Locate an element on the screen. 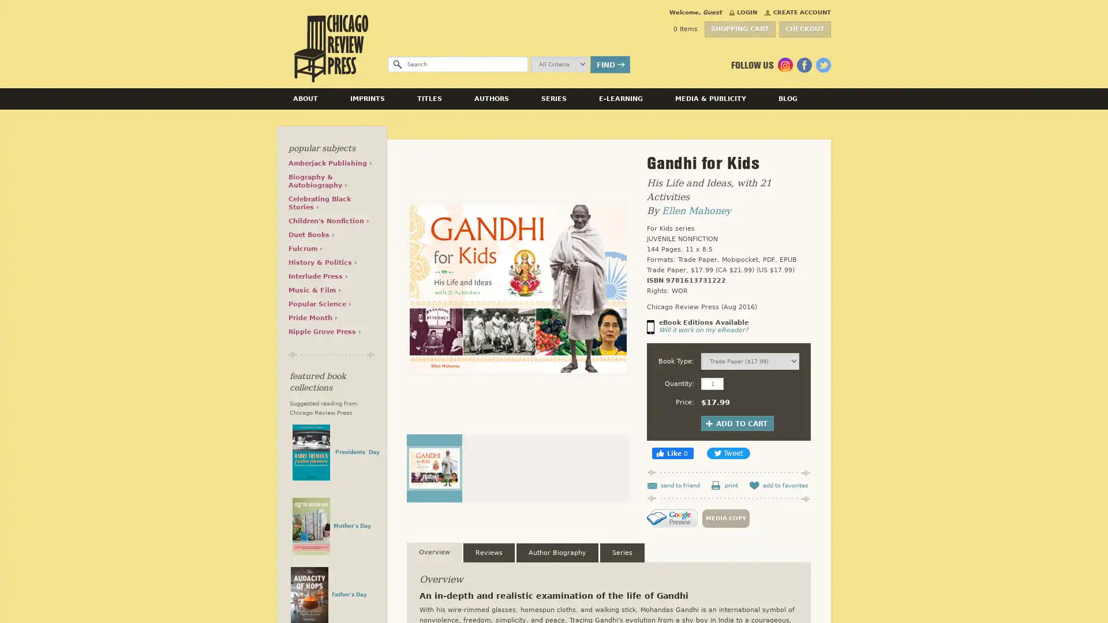  Add To Cart is located at coordinates (736, 422).